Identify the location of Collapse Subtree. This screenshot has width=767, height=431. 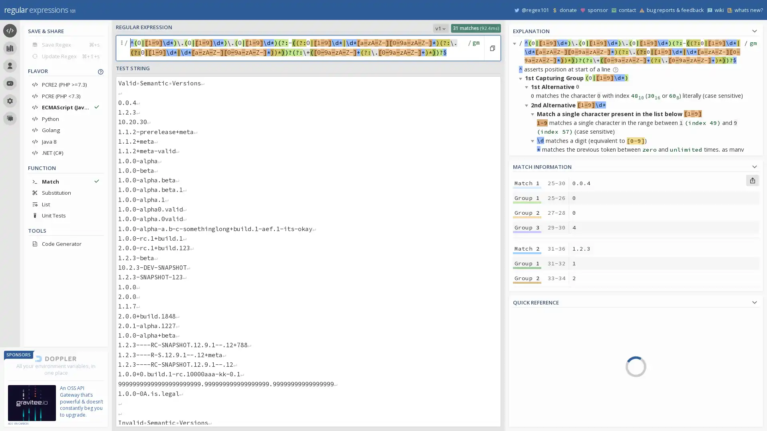
(528, 285).